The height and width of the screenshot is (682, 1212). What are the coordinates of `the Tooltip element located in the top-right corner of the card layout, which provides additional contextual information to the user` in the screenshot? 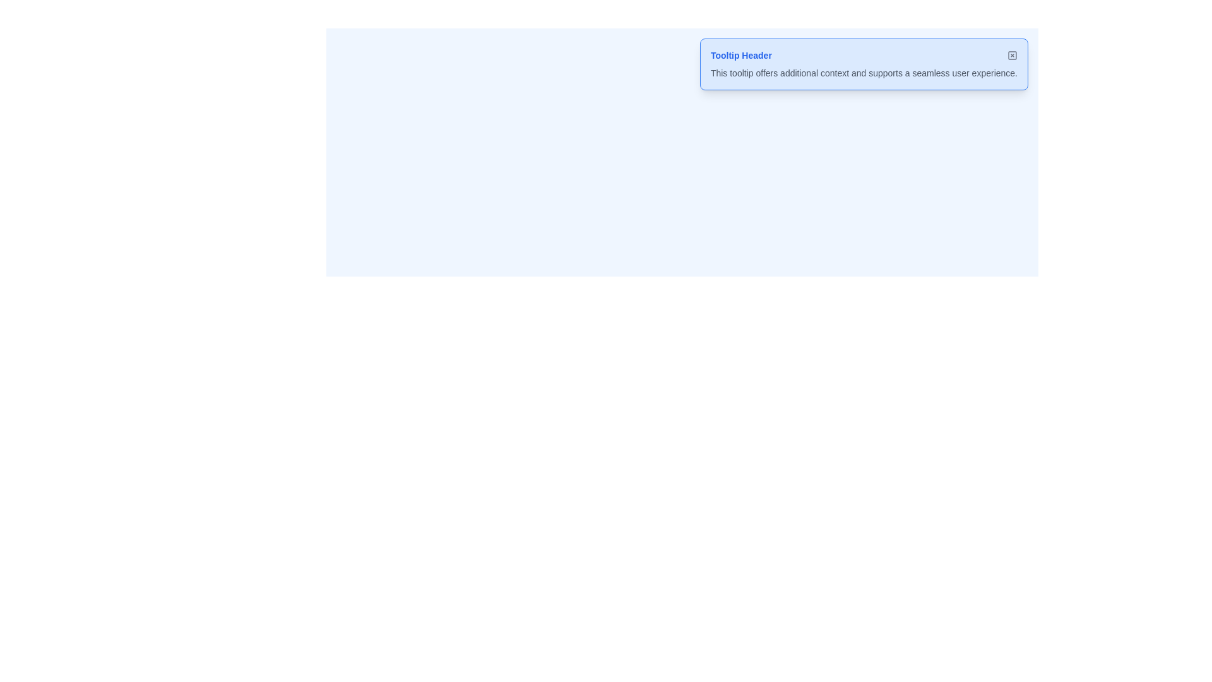 It's located at (863, 64).